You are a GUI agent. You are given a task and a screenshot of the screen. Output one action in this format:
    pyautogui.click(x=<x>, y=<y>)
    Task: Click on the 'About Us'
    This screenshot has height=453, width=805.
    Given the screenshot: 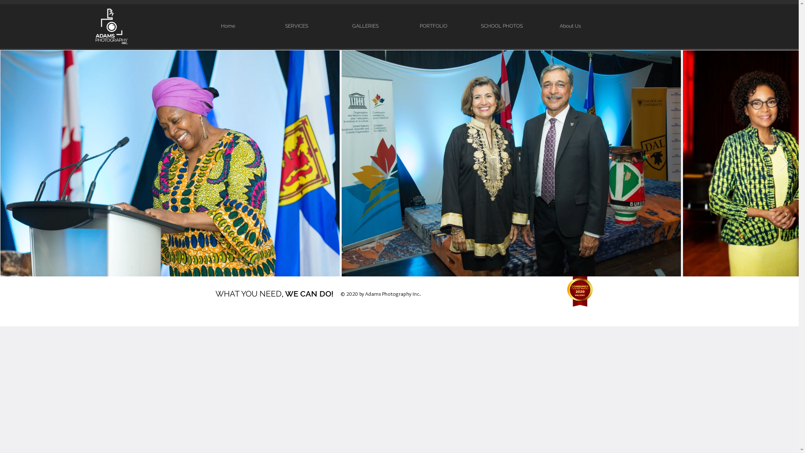 What is the action you would take?
    pyautogui.click(x=570, y=26)
    